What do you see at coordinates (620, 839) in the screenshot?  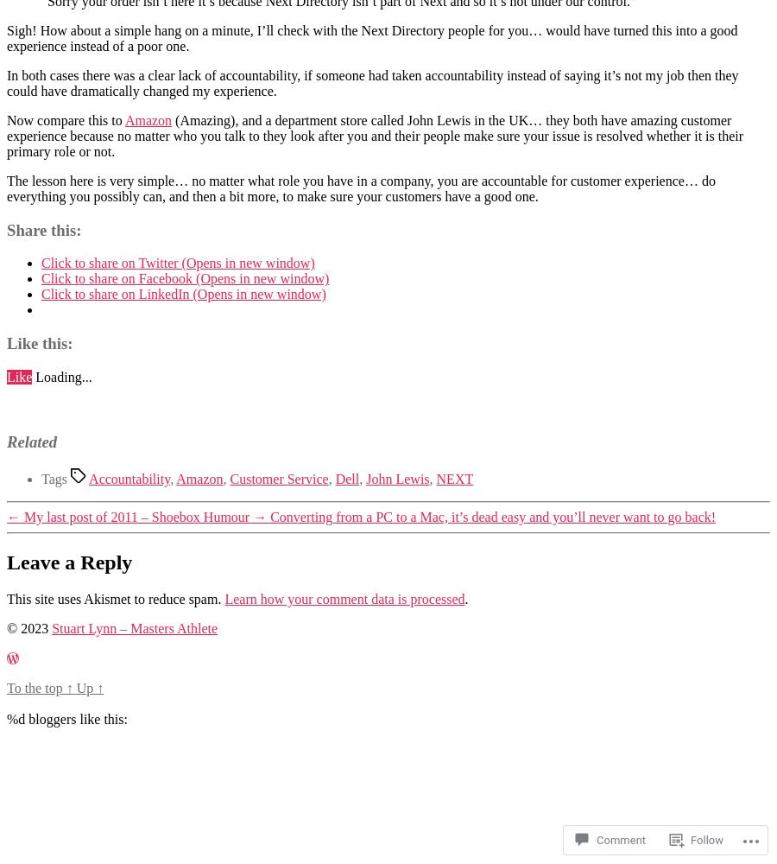 I see `'Comment'` at bounding box center [620, 839].